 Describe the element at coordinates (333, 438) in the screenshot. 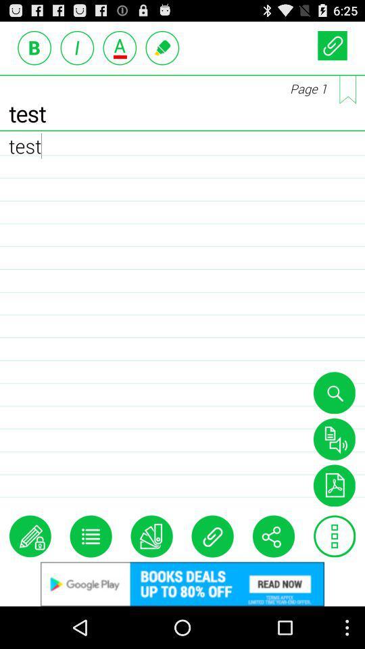

I see `save` at that location.